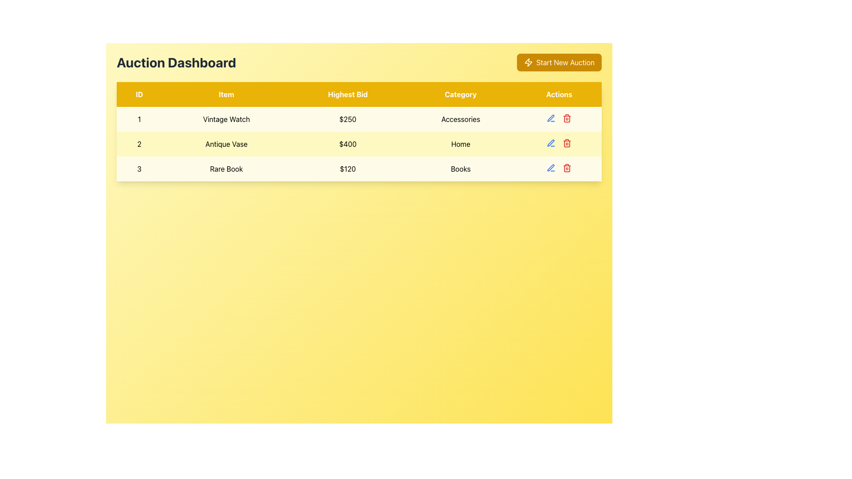 The image size is (852, 479). I want to click on the delete icon located in the 'Actions' column of the table row for 'Antique Vase' to possibly display a tooltip, so click(567, 143).